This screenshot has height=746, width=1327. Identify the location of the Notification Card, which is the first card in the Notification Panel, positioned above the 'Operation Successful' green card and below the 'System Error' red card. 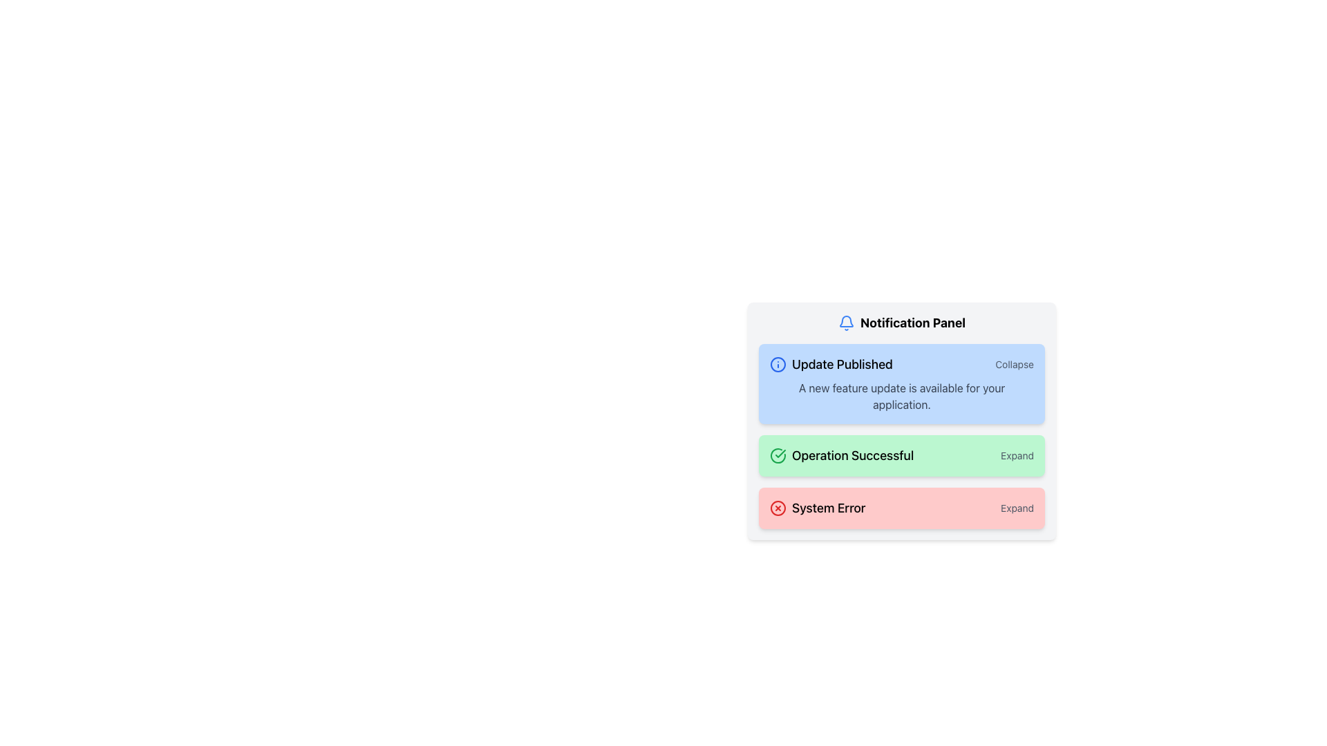
(902, 383).